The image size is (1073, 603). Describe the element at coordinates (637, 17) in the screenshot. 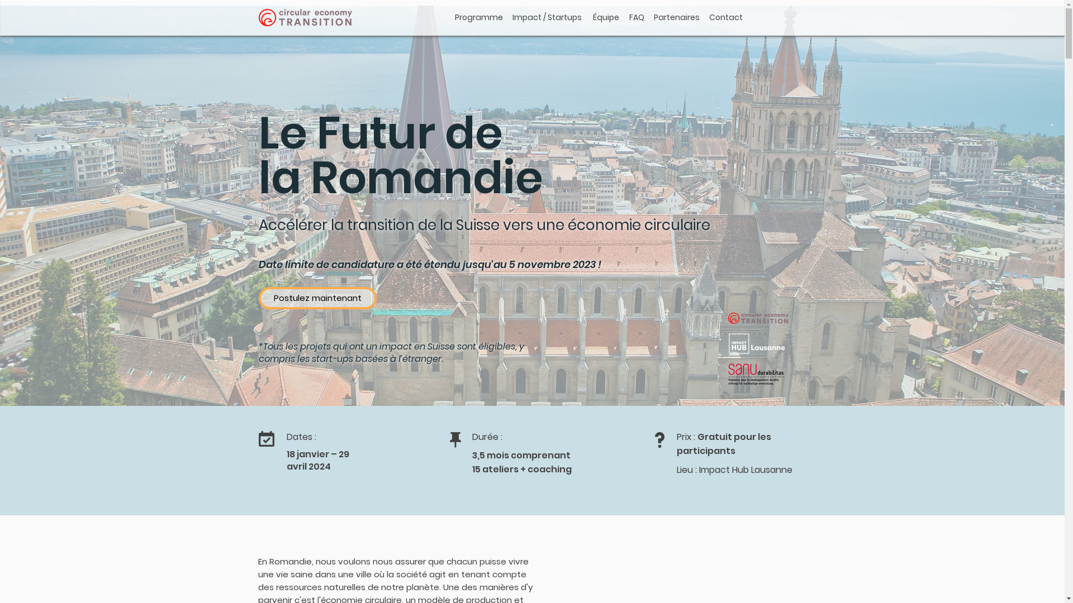

I see `'FAQ'` at that location.